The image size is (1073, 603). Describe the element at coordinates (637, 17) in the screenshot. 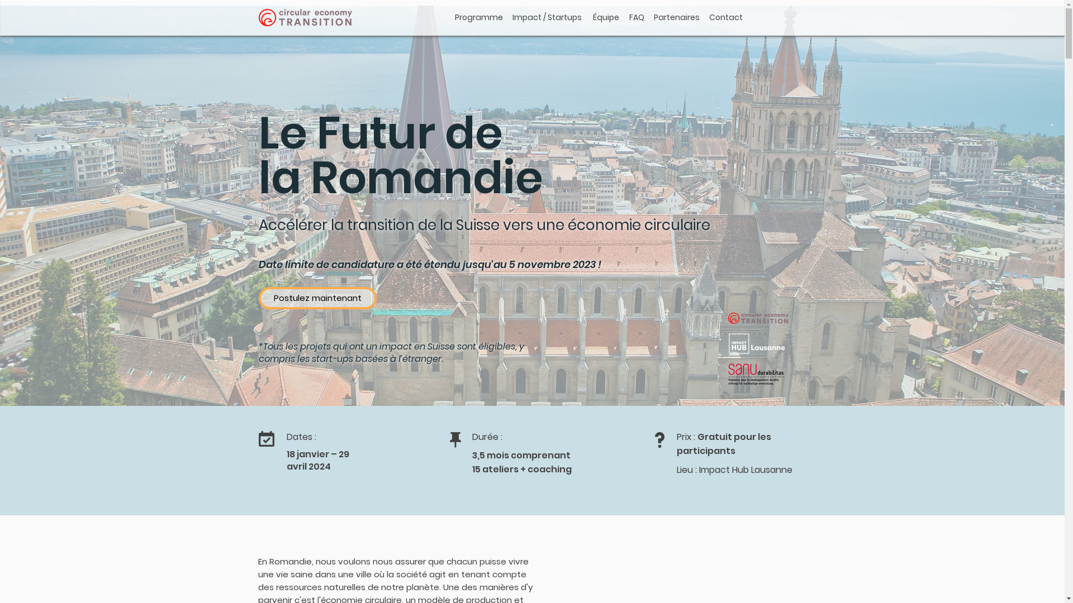

I see `'FAQ'` at that location.